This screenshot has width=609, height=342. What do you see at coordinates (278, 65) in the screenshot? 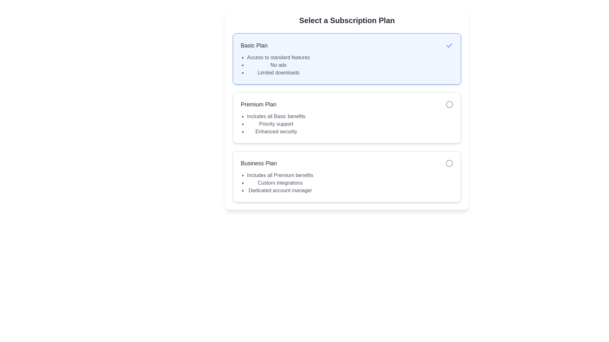
I see `the informational Text Label that indicates users selecting the 'Basic Plan' will not see advertisements, located beneath the 'Basic Plan' heading in the bulleted list` at bounding box center [278, 65].